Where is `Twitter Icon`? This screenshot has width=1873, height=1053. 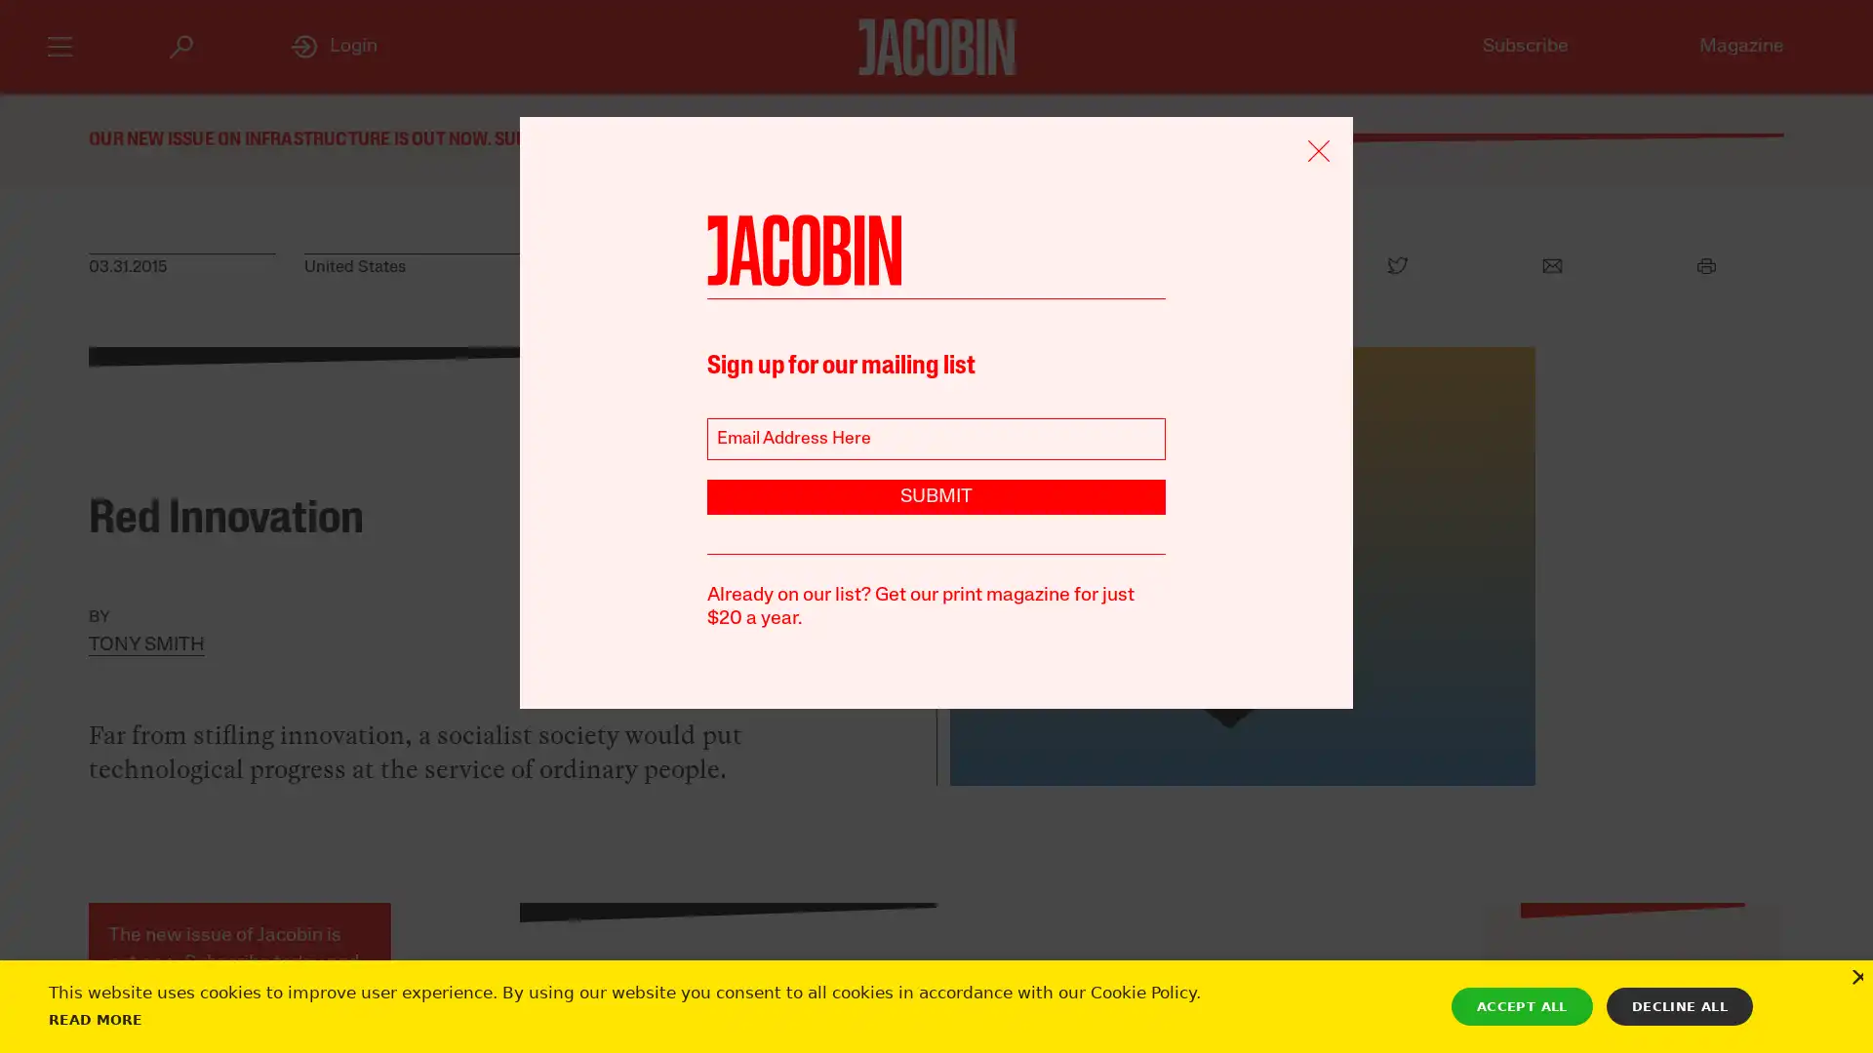
Twitter Icon is located at coordinates (1396, 265).